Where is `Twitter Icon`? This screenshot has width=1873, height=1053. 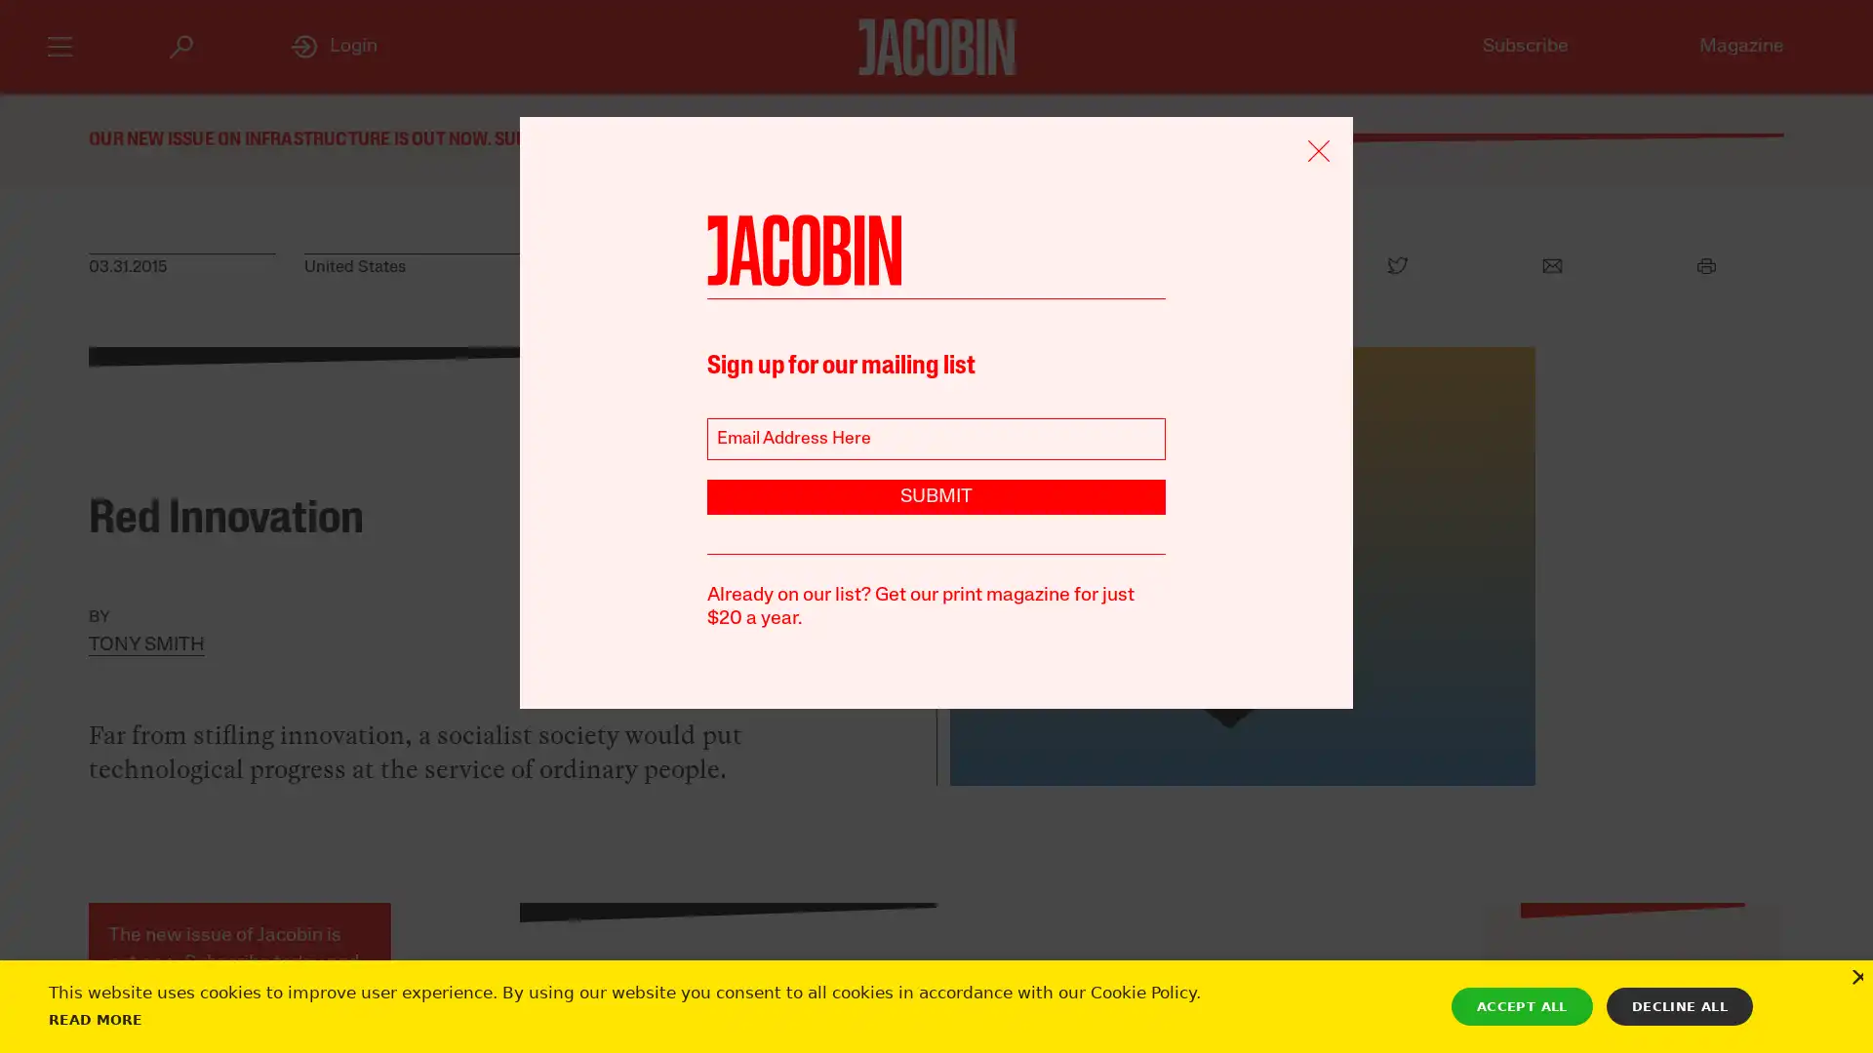
Twitter Icon is located at coordinates (1396, 265).